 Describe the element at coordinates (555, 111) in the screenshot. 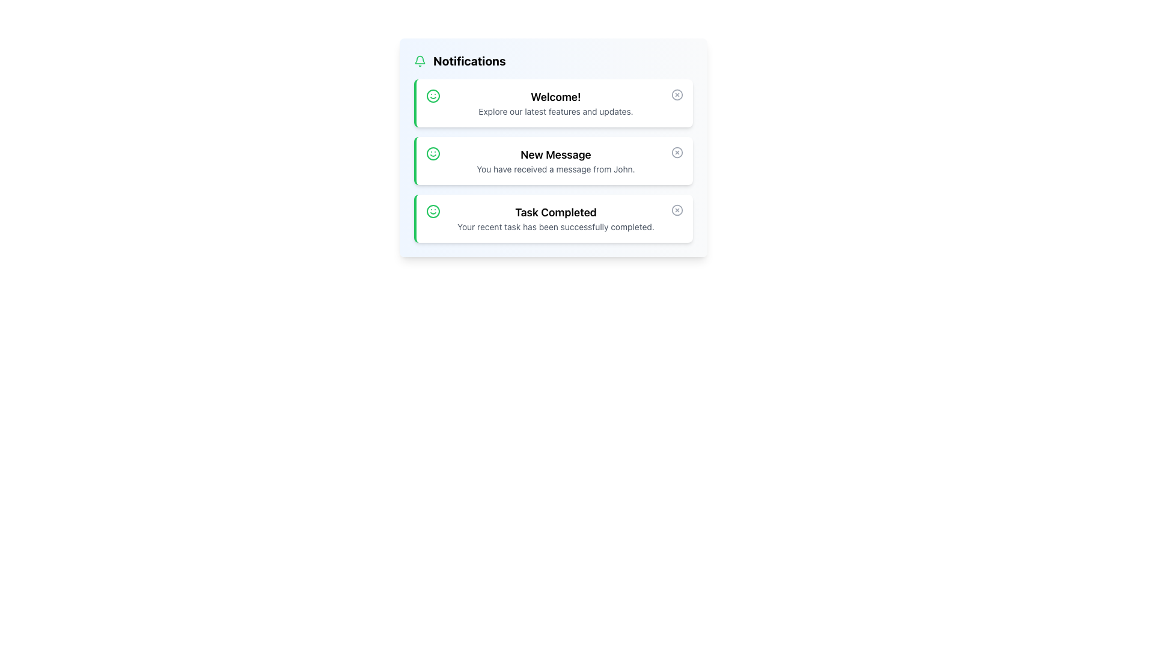

I see `the text label that reads 'Explore our latest features and updates.', which is positioned below the bold 'Welcome!' text in the top-left section of the central notification card layout` at that location.